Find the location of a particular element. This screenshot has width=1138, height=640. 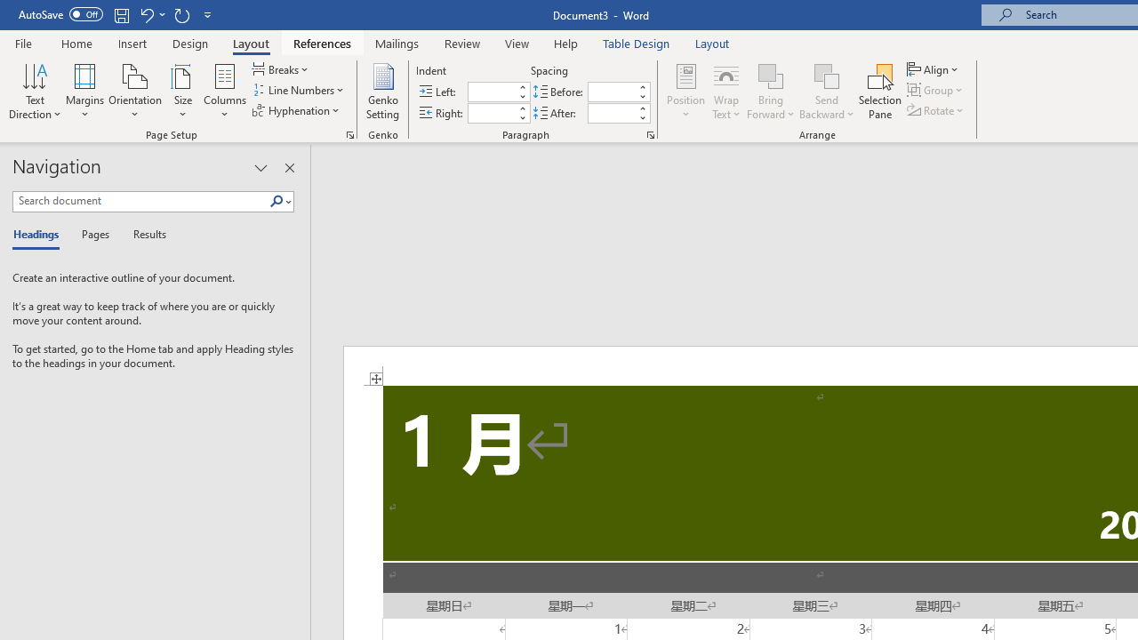

'Class: NetUIImage' is located at coordinates (276, 200).